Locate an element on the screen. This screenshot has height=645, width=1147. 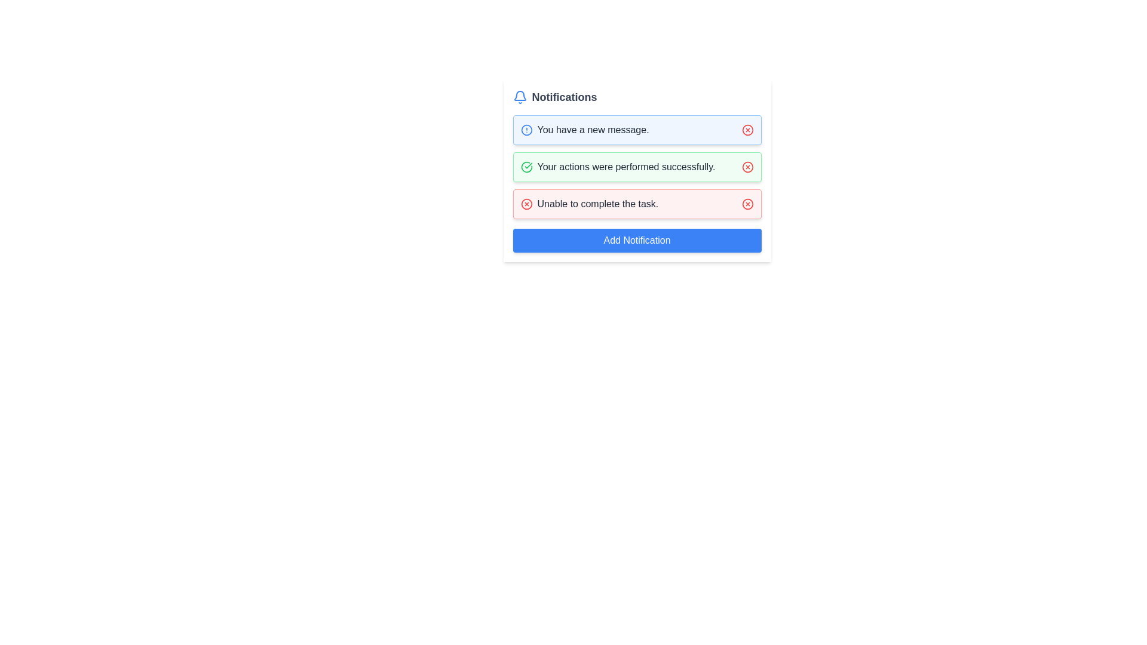
text label that serves as the title for the notifications module, positioned at the top of the card layout, next to a blue bell icon is located at coordinates (564, 96).